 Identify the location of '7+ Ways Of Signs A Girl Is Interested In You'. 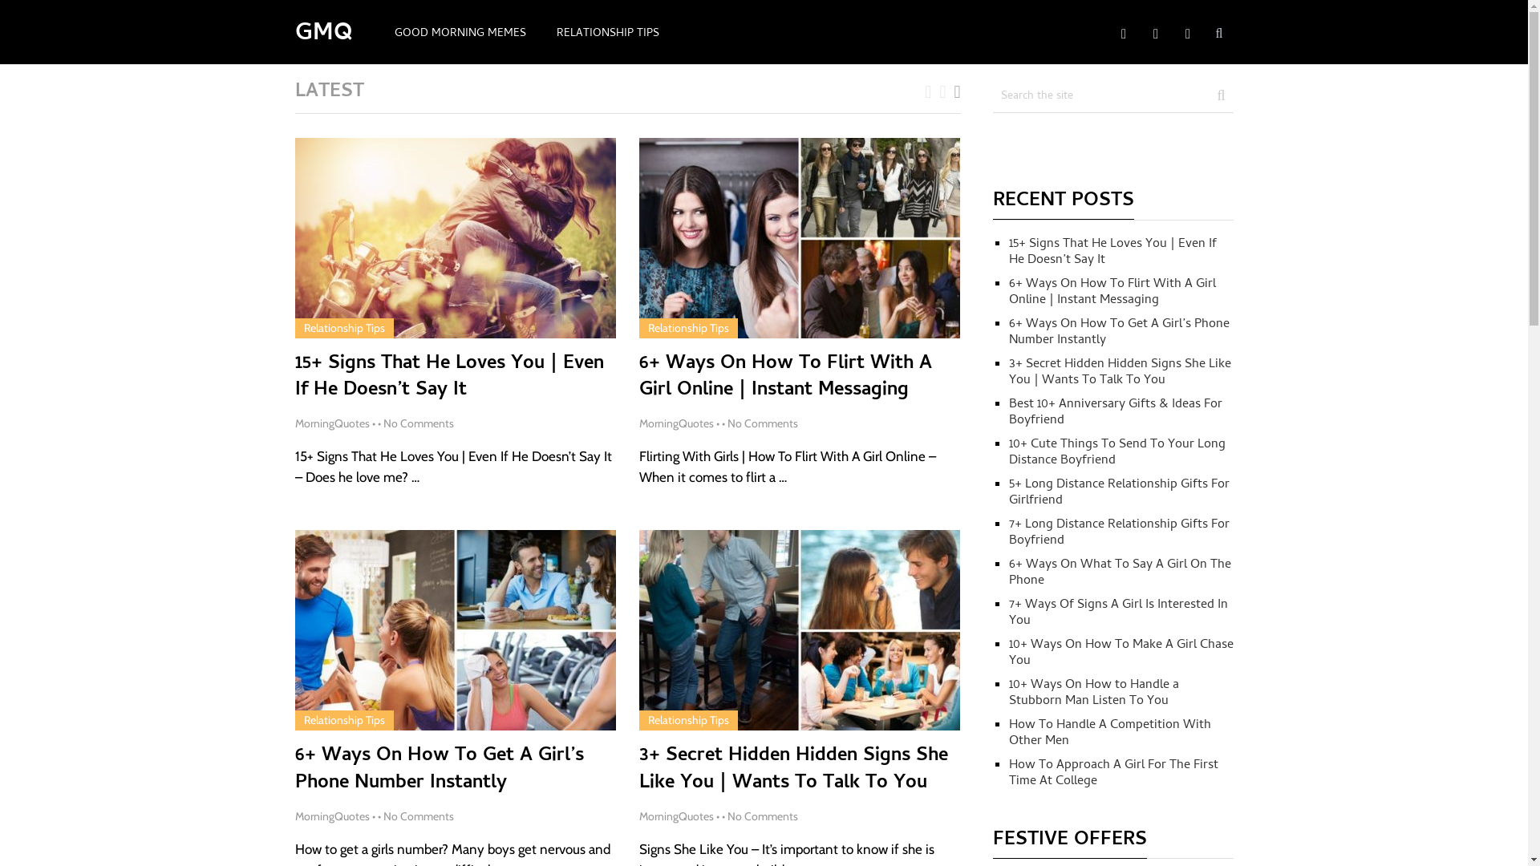
(1117, 613).